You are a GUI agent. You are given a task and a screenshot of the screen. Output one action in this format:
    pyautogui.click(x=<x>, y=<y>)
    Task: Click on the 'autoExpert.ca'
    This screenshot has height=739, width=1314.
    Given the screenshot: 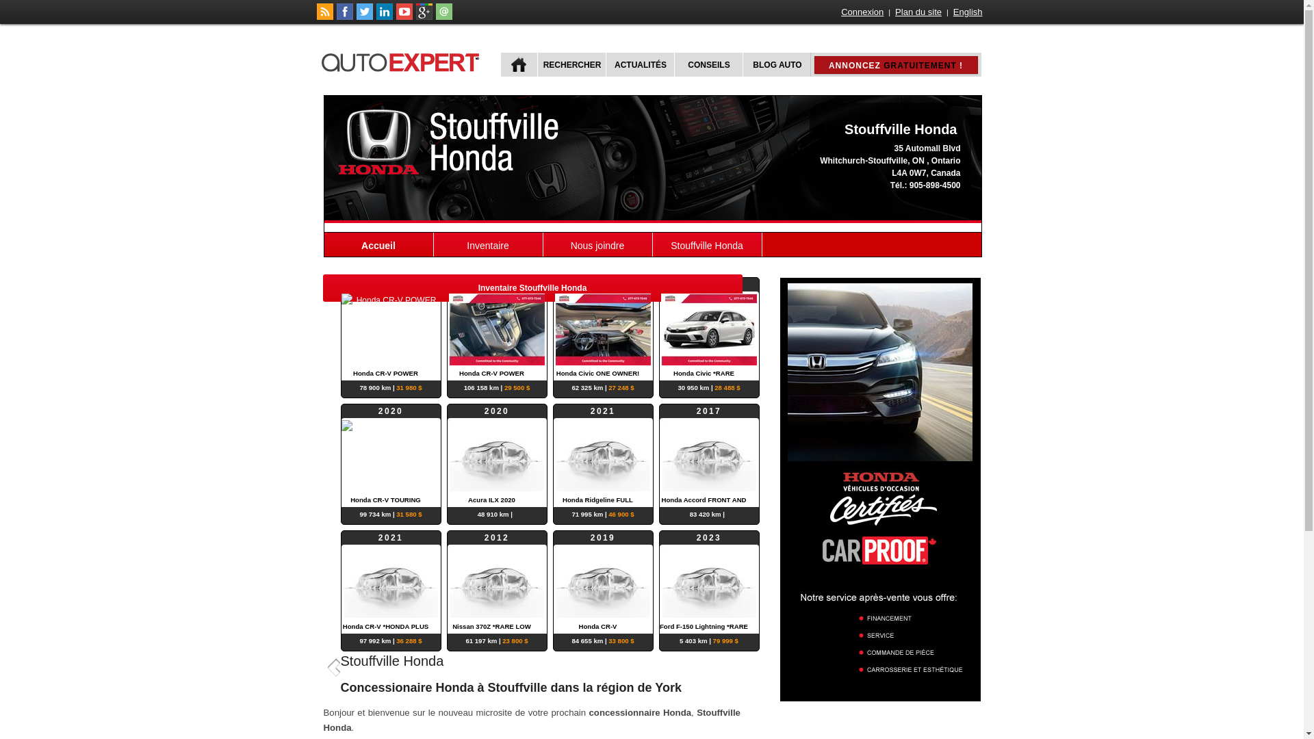 What is the action you would take?
    pyautogui.click(x=402, y=60)
    